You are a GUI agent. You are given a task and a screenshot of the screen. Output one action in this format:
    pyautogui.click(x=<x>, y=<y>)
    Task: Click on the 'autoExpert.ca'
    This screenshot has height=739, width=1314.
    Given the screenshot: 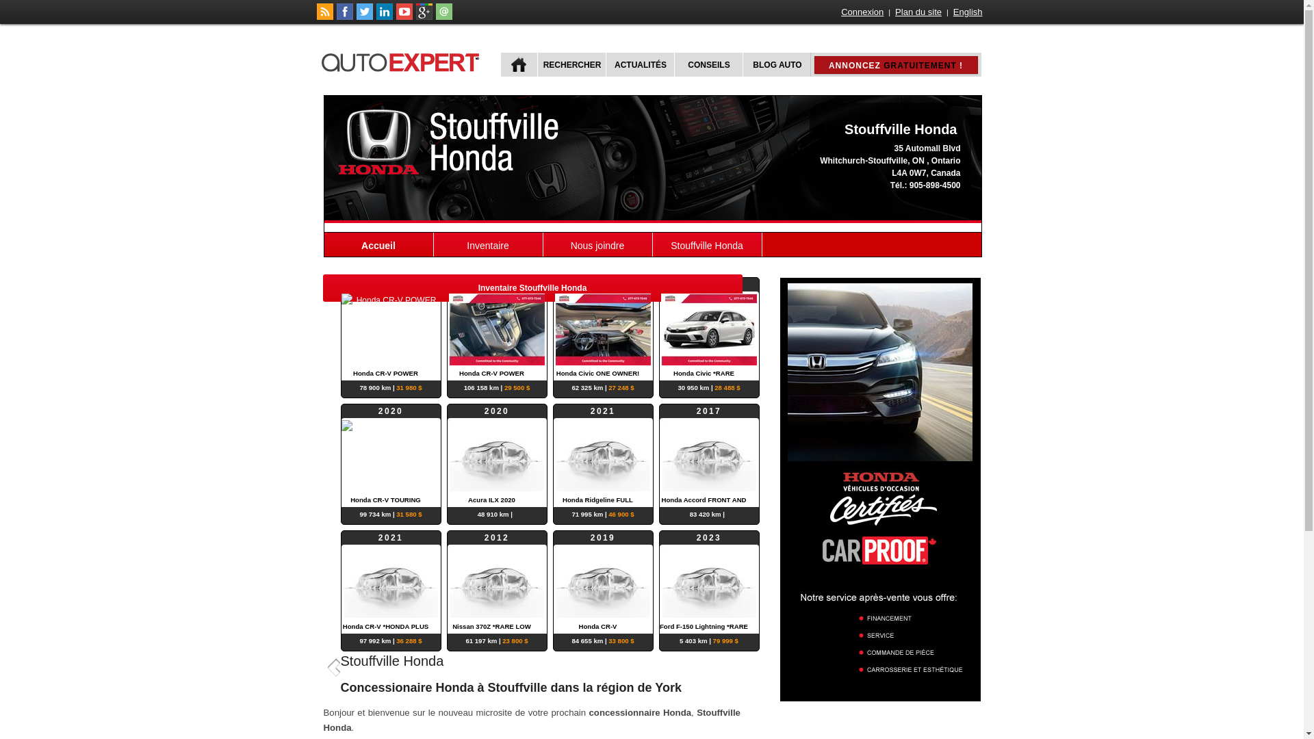 What is the action you would take?
    pyautogui.click(x=402, y=60)
    